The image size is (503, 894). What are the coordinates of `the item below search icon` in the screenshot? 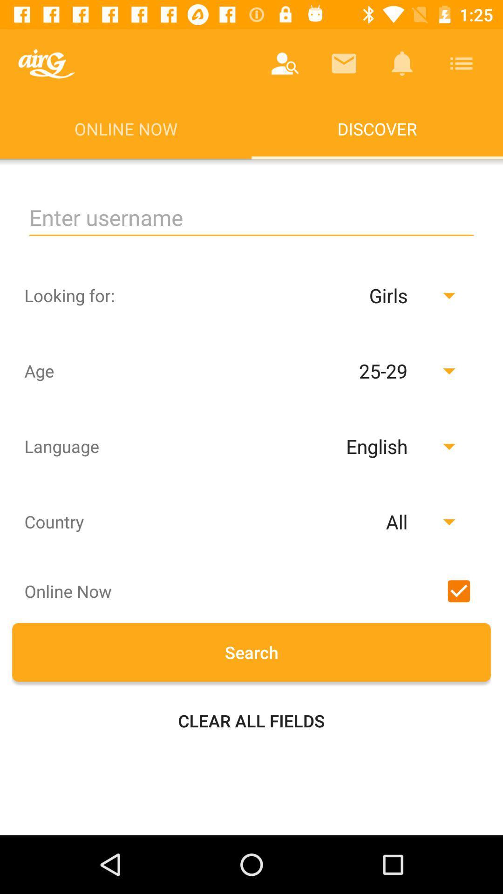 It's located at (251, 720).